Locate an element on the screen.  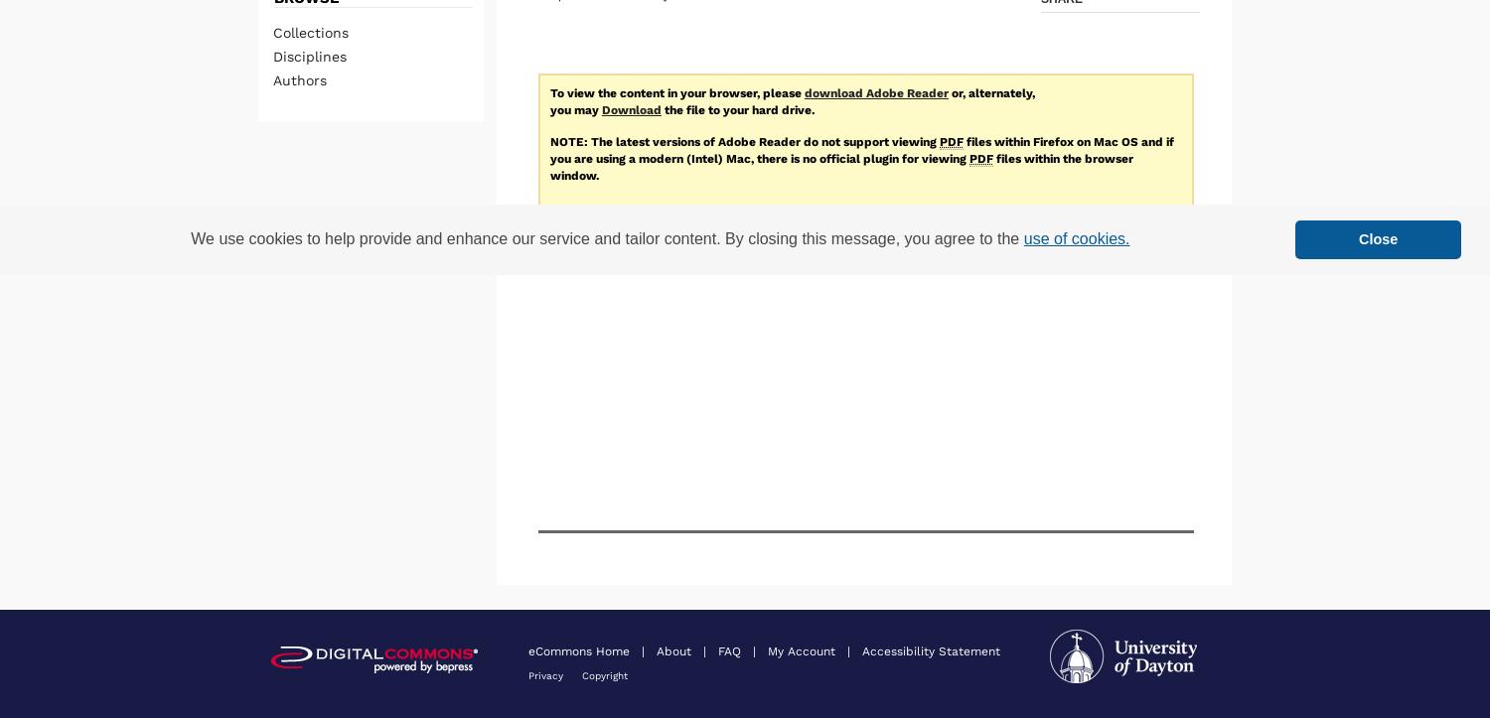
'Disciplines' is located at coordinates (310, 56).